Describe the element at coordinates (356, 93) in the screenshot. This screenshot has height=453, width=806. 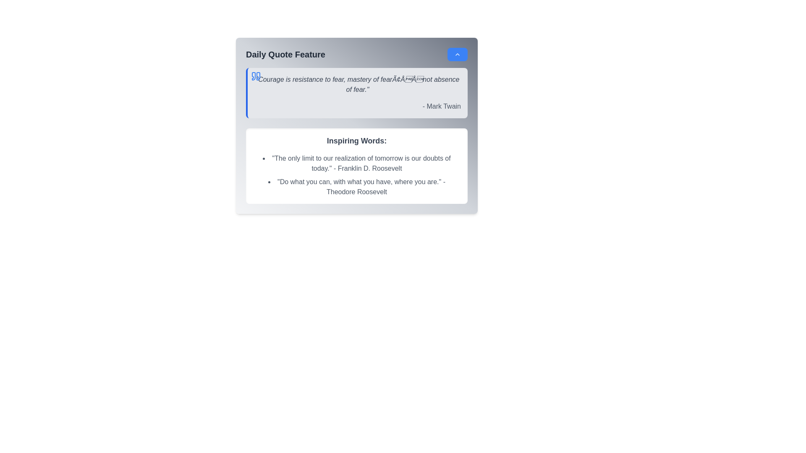
I see `text from the Informational block with a light gray background and a blue strip, located in the 'Daily Quote Feature' section` at that location.